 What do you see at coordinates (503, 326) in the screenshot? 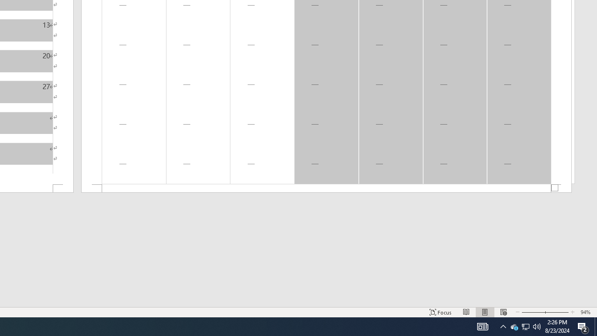
I see `'Notification Chevron'` at bounding box center [503, 326].